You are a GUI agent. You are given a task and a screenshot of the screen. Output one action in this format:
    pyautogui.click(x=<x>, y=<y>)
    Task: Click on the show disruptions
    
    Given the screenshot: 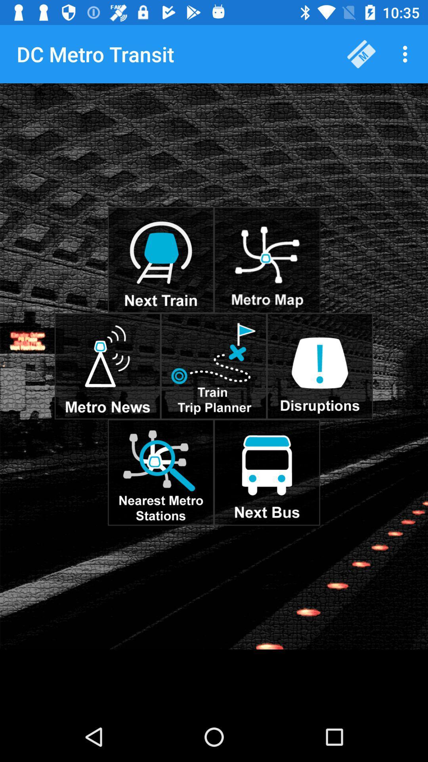 What is the action you would take?
    pyautogui.click(x=319, y=366)
    